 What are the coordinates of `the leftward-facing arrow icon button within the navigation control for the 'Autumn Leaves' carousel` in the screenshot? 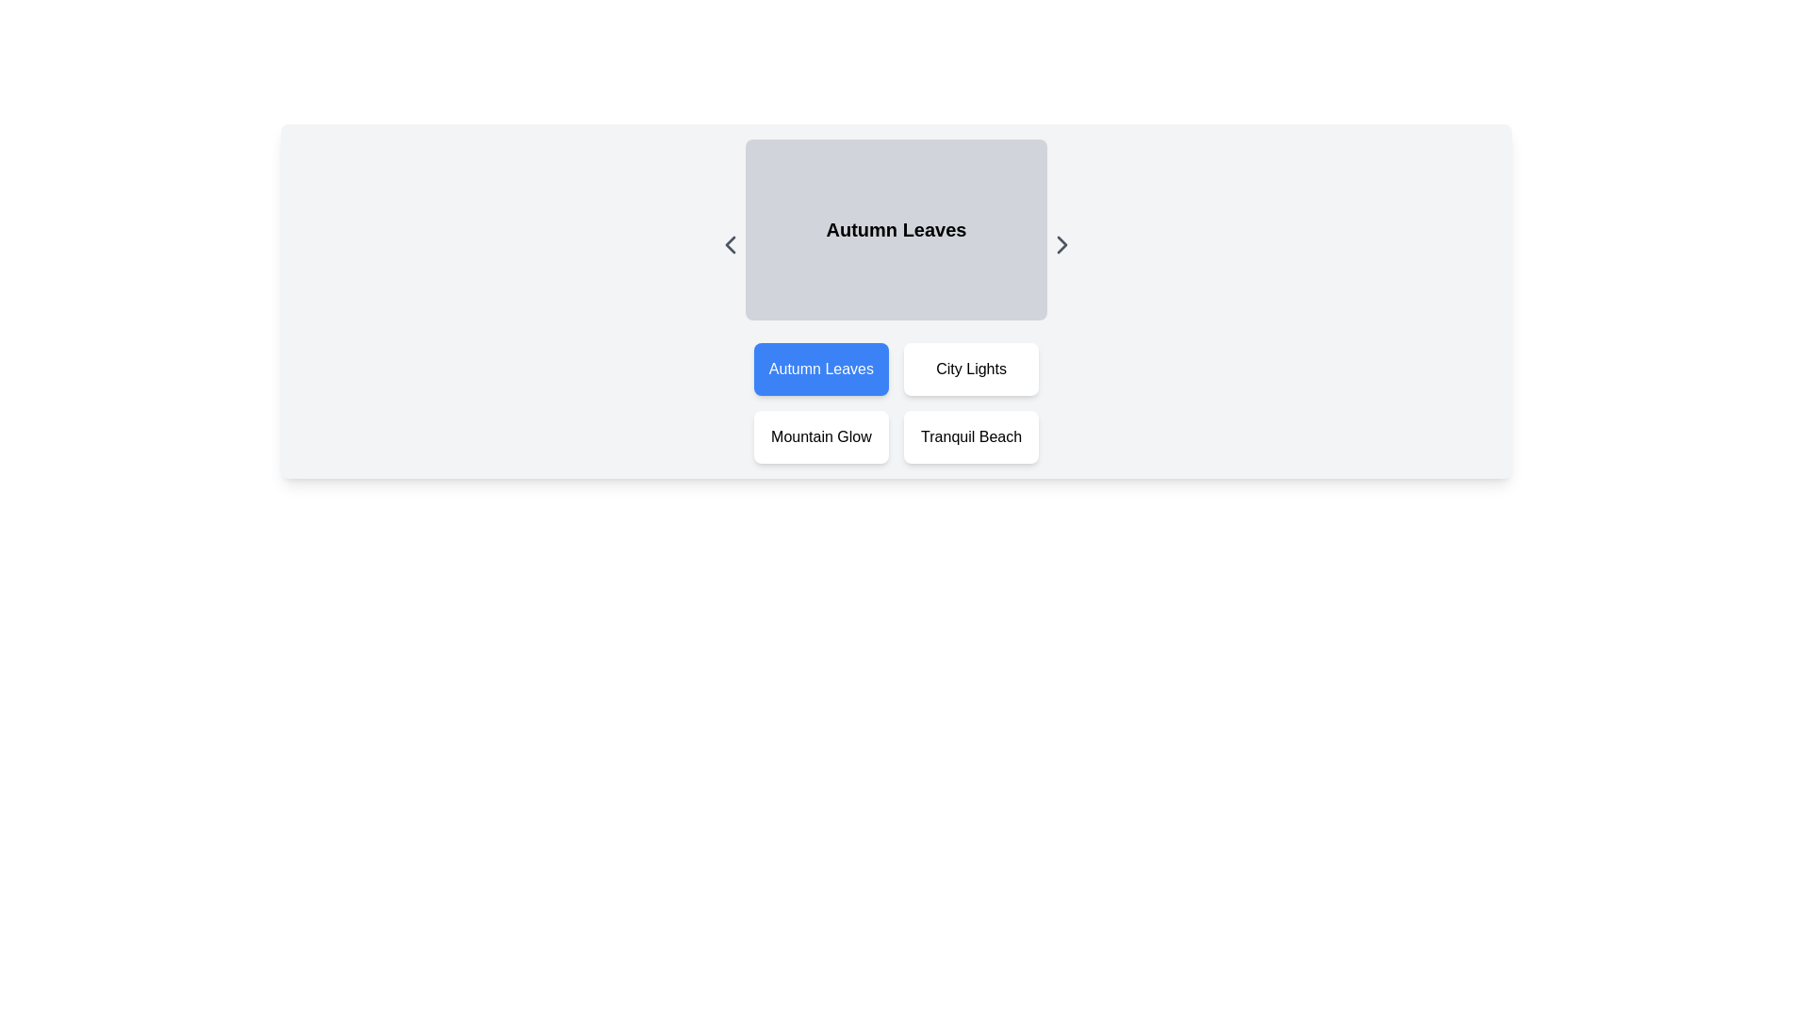 It's located at (729, 243).